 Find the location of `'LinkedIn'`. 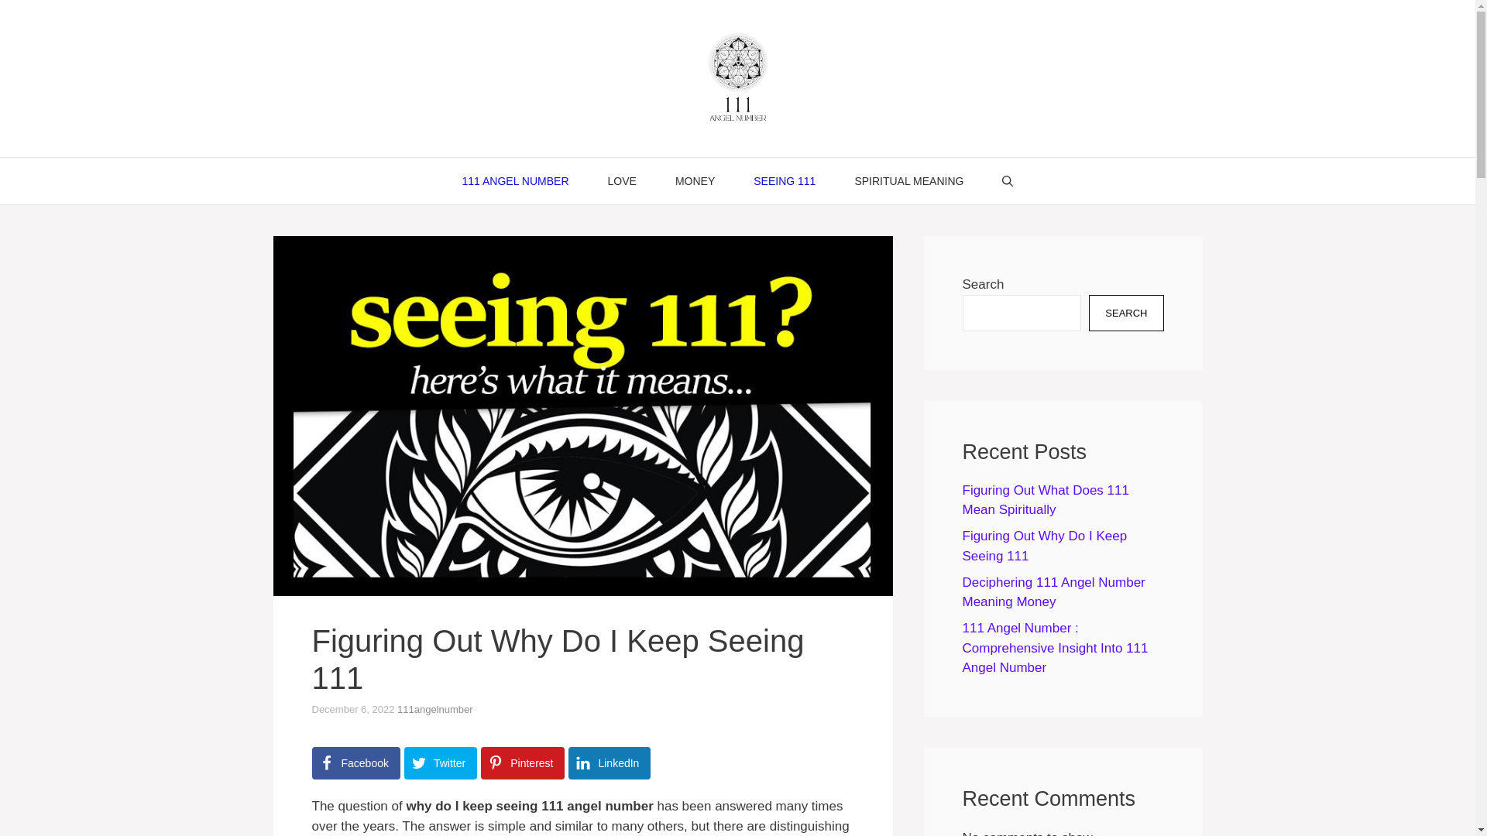

'LinkedIn' is located at coordinates (609, 762).